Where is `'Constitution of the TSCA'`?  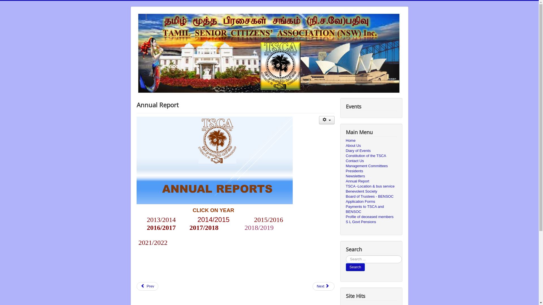
'Constitution of the TSCA' is located at coordinates (345, 156).